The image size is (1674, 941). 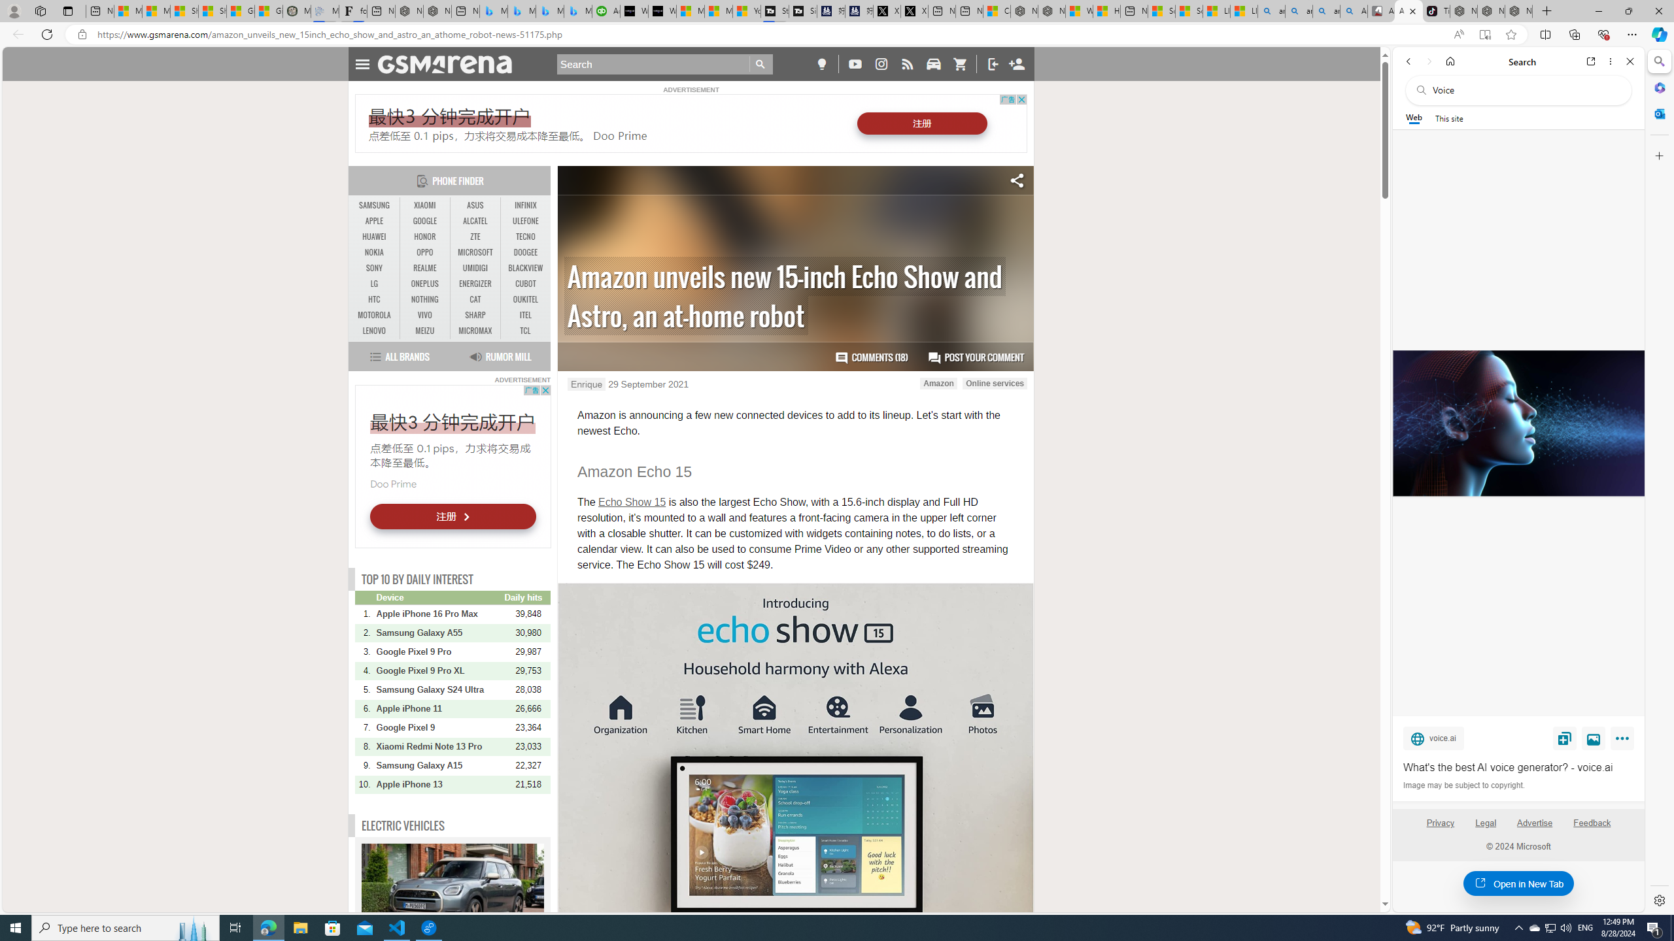 What do you see at coordinates (439, 746) in the screenshot?
I see `'Xiaomi Redmi Note 13 Pro'` at bounding box center [439, 746].